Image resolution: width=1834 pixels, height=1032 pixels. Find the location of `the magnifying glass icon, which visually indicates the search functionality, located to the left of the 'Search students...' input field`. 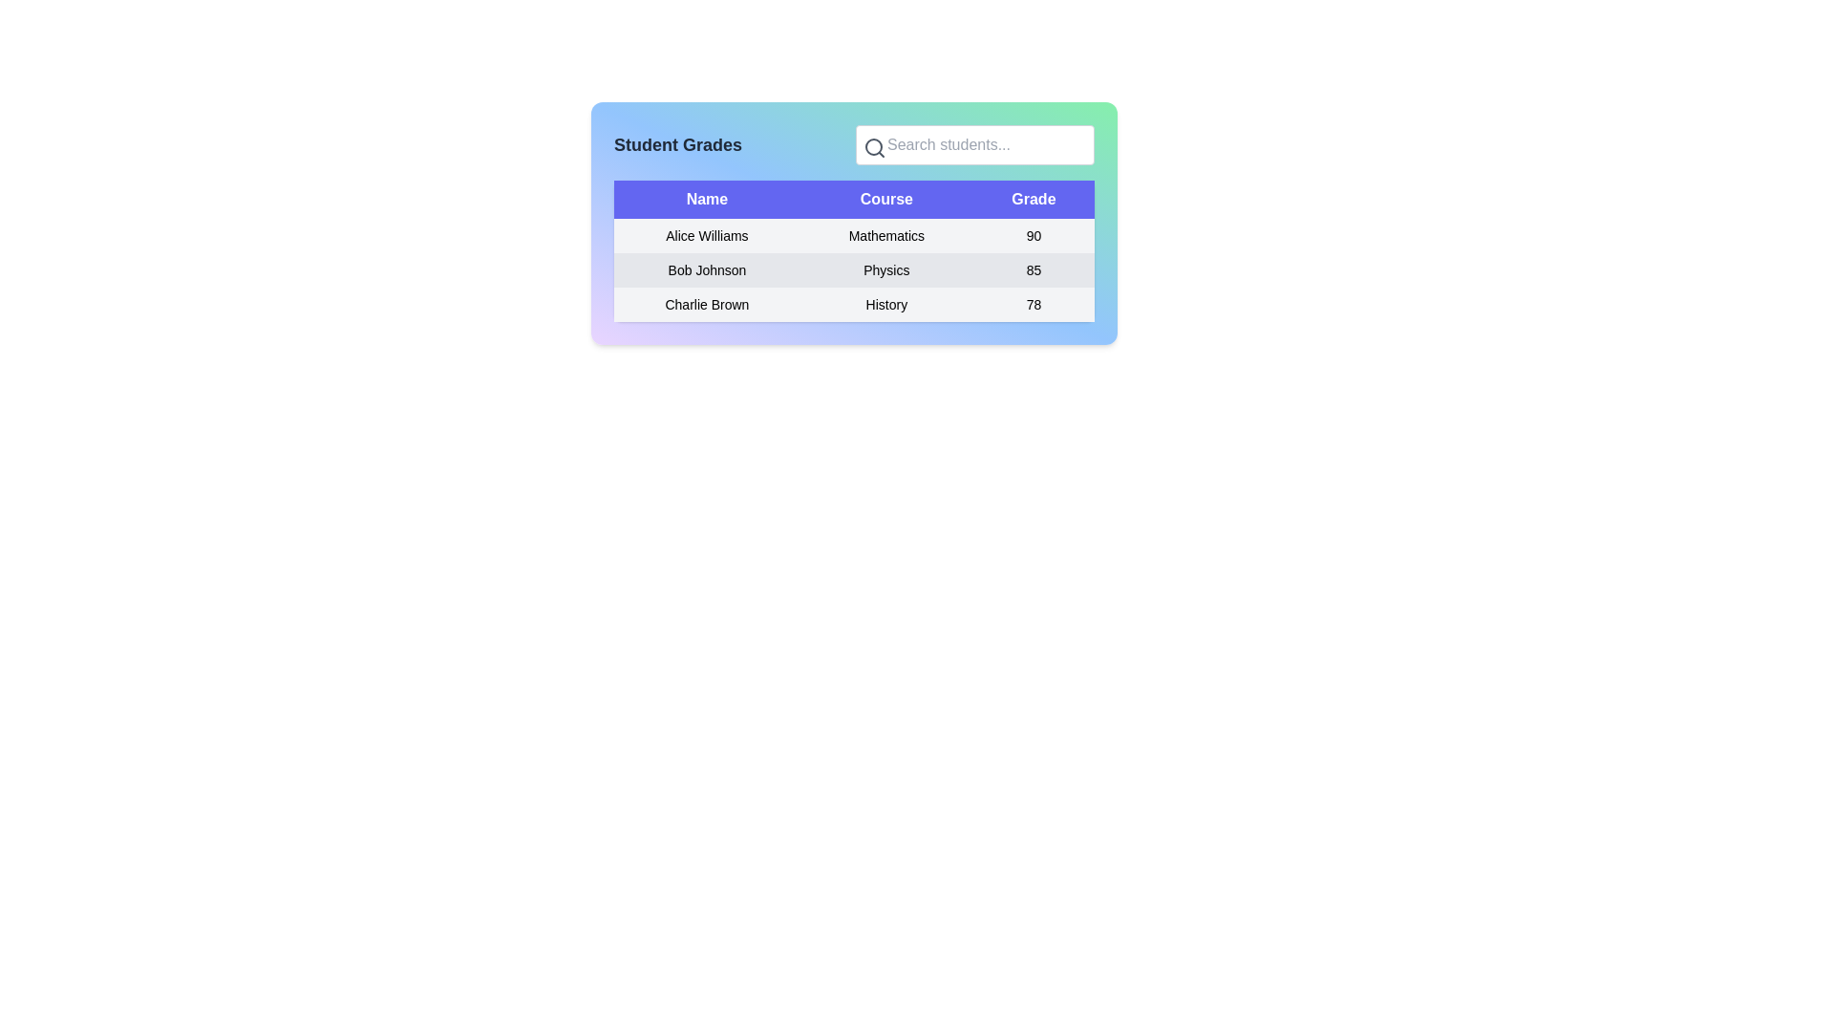

the magnifying glass icon, which visually indicates the search functionality, located to the left of the 'Search students...' input field is located at coordinates (874, 146).